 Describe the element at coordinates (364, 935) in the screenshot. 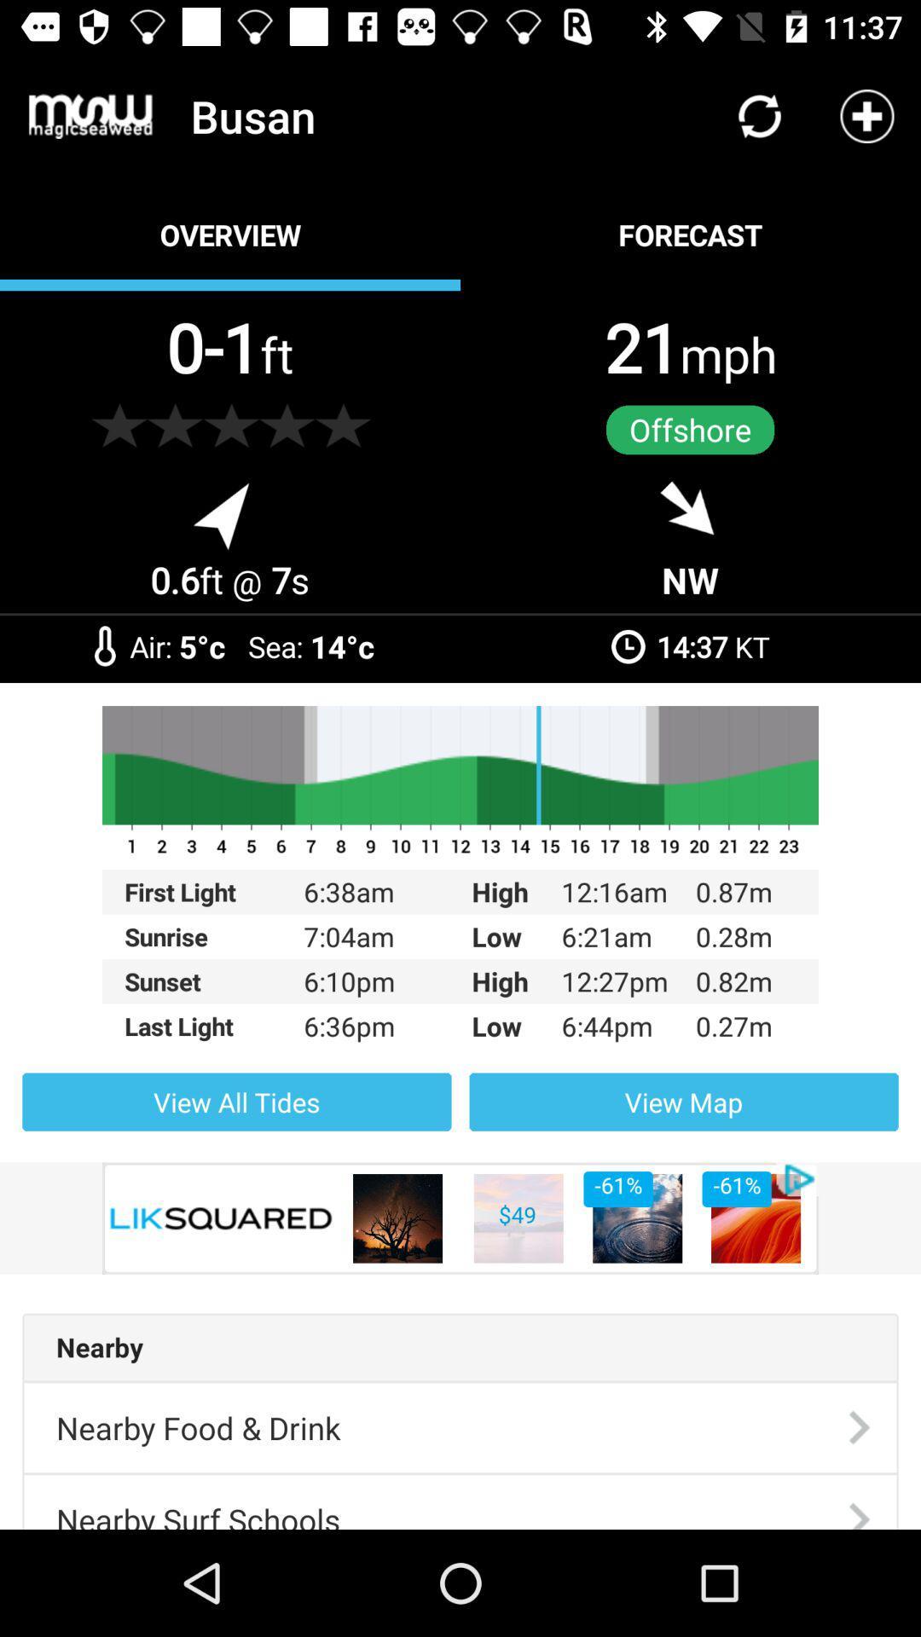

I see `the icon next to first light item` at that location.